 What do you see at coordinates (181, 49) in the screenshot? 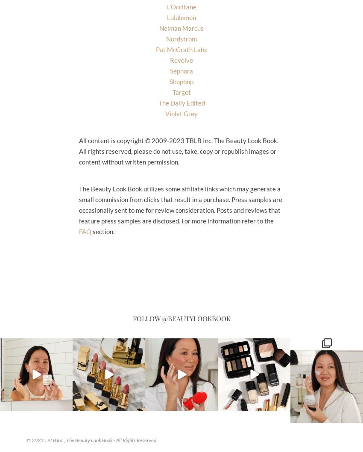
I see `'Pat McGrath Labs'` at bounding box center [181, 49].